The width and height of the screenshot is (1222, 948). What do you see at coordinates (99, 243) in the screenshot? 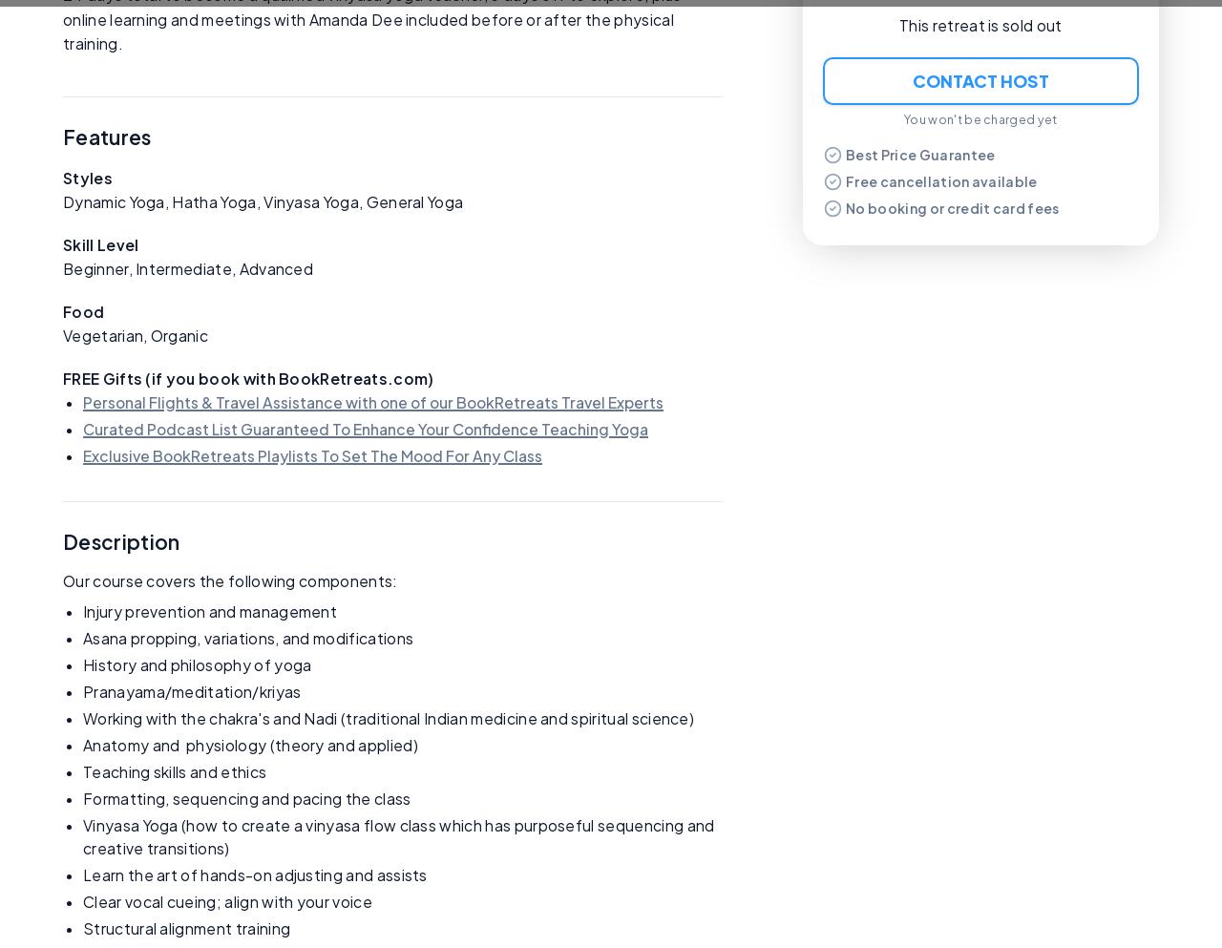
I see `'Skill Level'` at bounding box center [99, 243].